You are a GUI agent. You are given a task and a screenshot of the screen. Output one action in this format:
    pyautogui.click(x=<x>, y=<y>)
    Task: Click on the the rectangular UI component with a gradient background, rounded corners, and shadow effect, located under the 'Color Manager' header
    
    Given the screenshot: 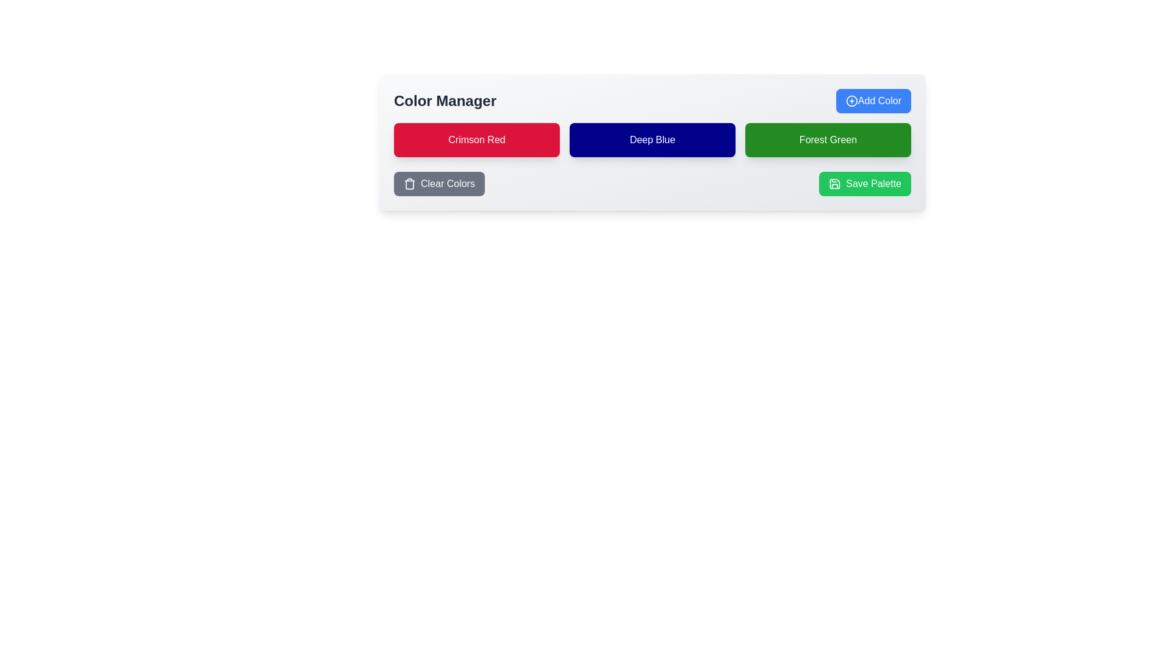 What is the action you would take?
    pyautogui.click(x=652, y=142)
    